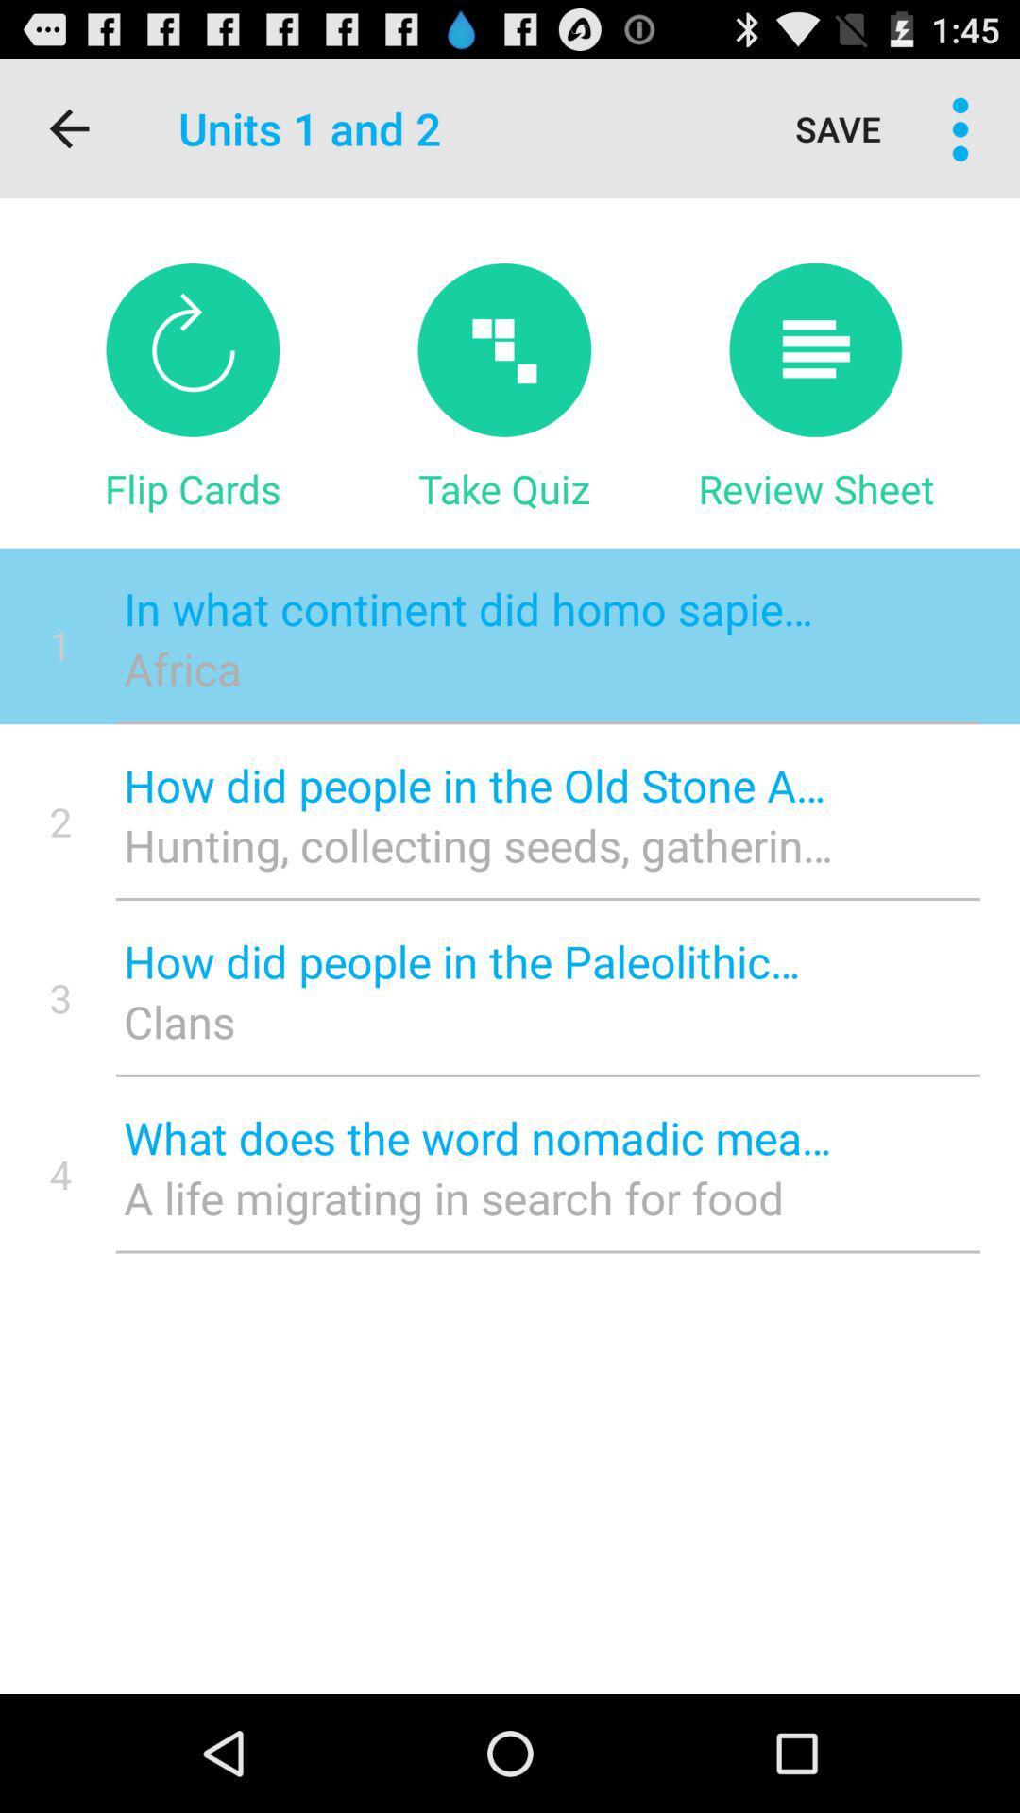 The image size is (1020, 1813). What do you see at coordinates (503, 349) in the screenshot?
I see `item below the units 1 and icon` at bounding box center [503, 349].